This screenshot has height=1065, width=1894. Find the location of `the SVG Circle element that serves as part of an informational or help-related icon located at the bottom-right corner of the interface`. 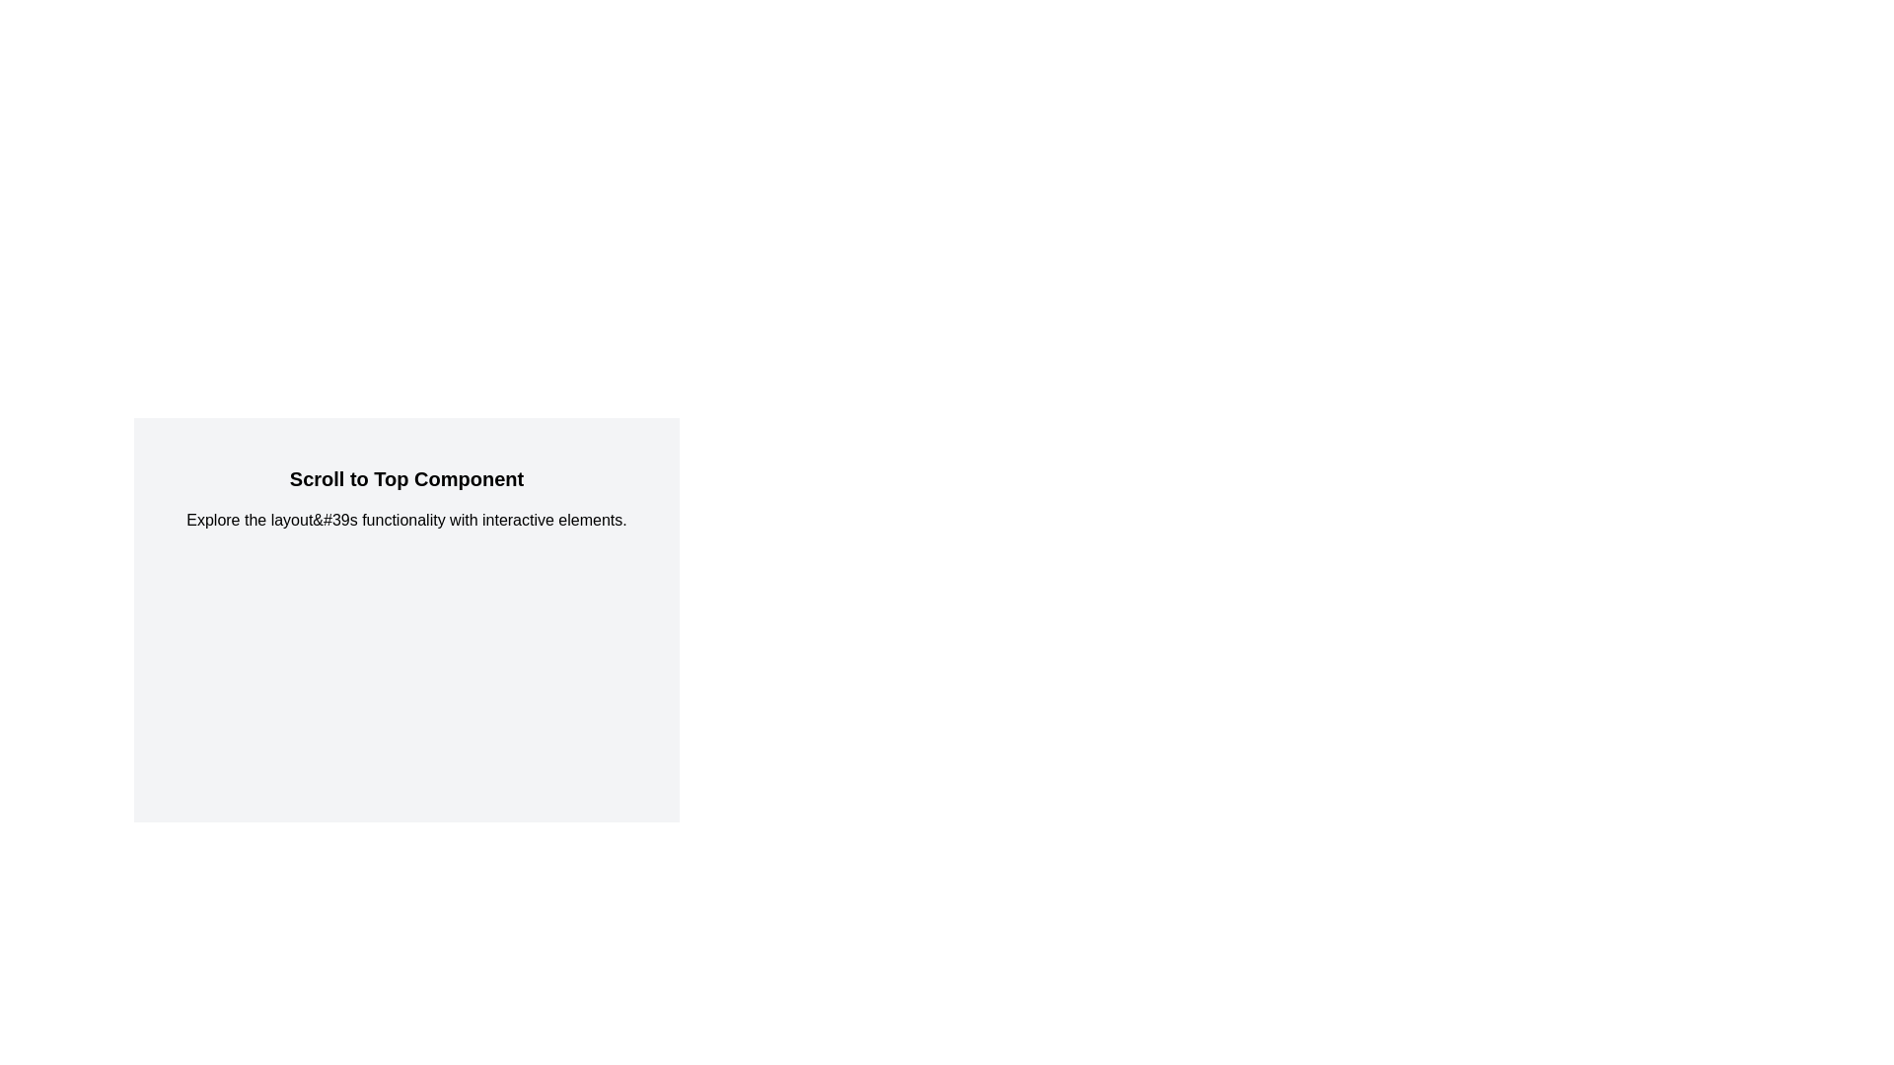

the SVG Circle element that serves as part of an informational or help-related icon located at the bottom-right corner of the interface is located at coordinates (1826, 1014).